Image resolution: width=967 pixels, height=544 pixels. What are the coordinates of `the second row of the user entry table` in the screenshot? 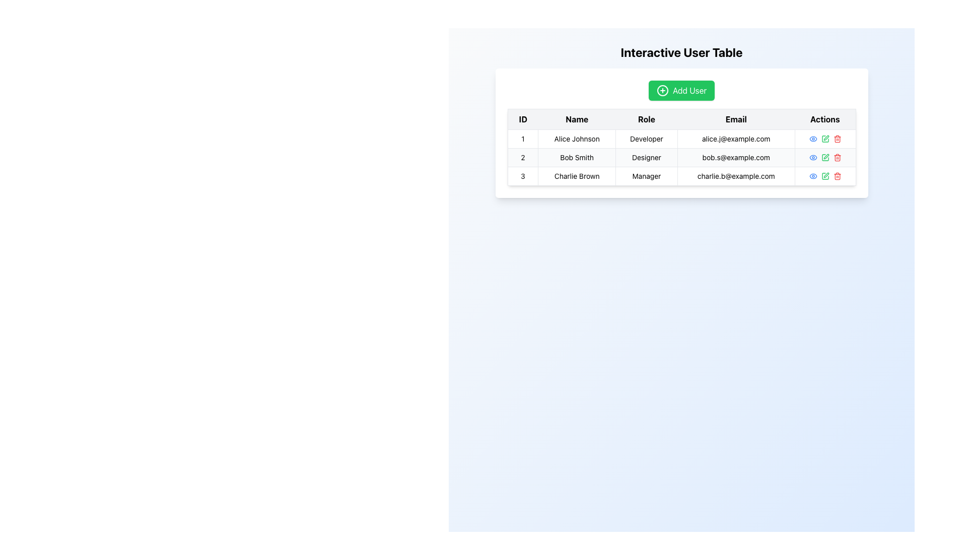 It's located at (681, 157).